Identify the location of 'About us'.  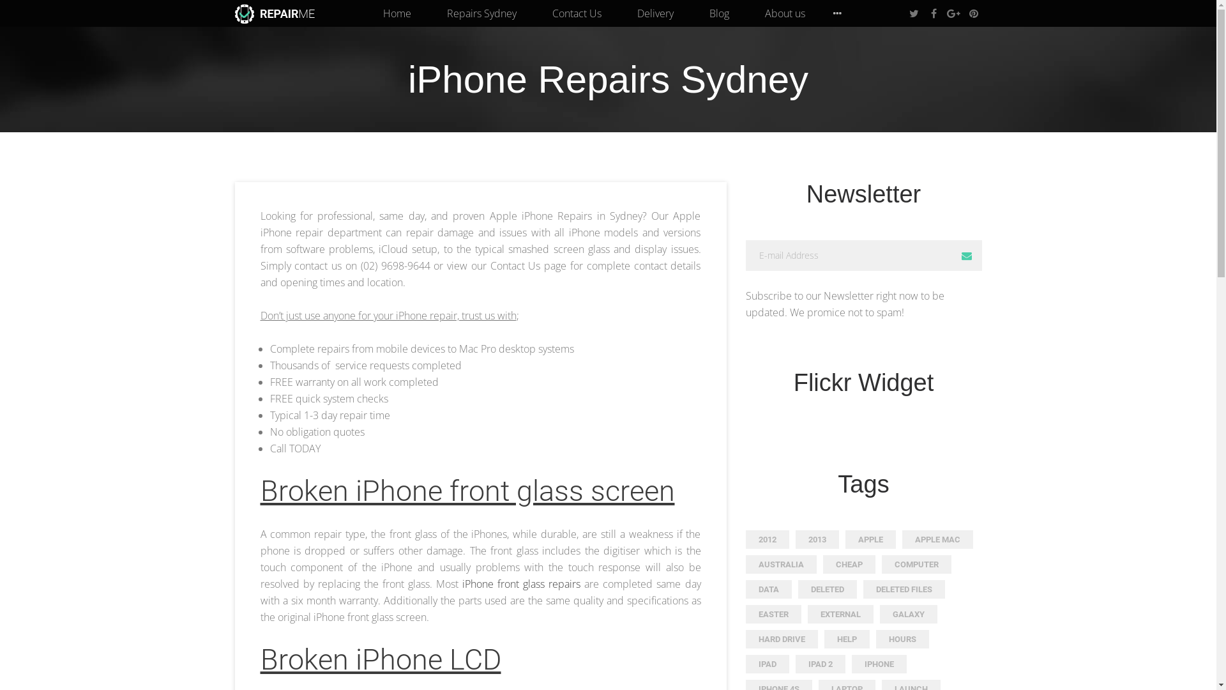
(784, 13).